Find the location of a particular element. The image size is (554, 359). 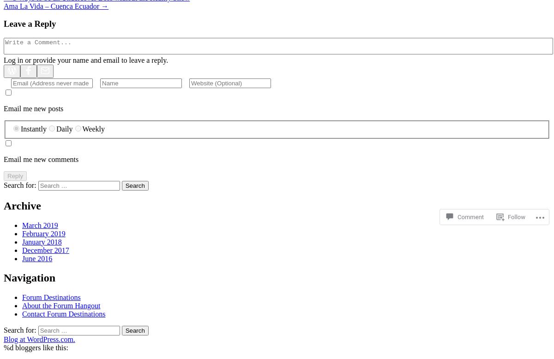

'Daily' is located at coordinates (64, 128).